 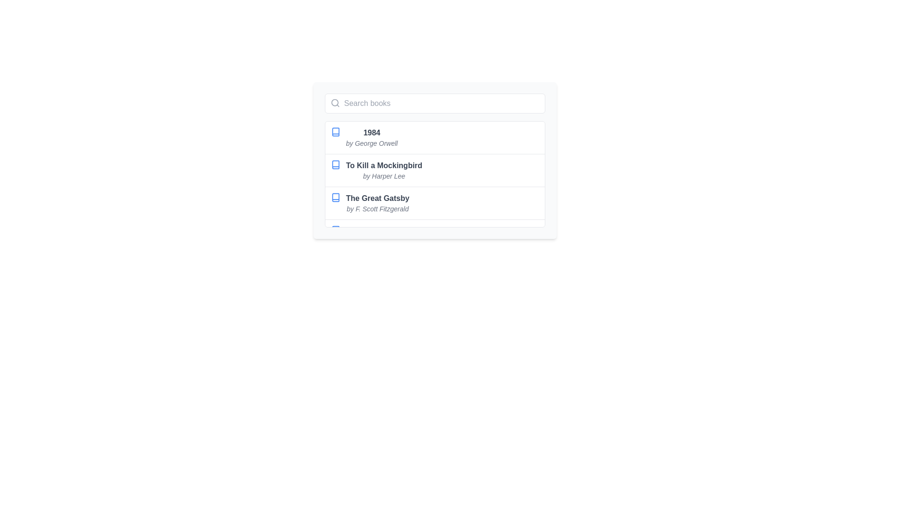 What do you see at coordinates (434, 137) in the screenshot?
I see `the first list item in the dropdown menu representing the book '1984' by George Orwell` at bounding box center [434, 137].